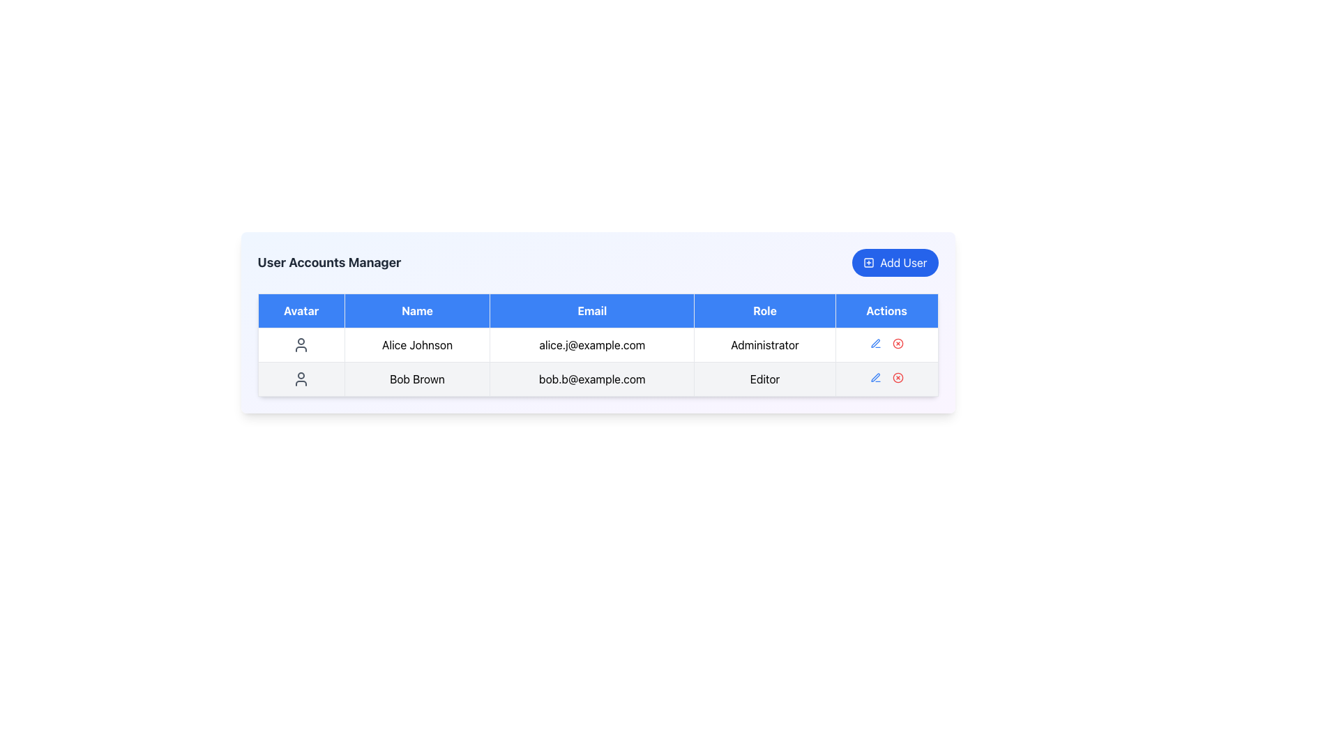 Image resolution: width=1339 pixels, height=753 pixels. What do you see at coordinates (875, 378) in the screenshot?
I see `the pen icon button in the 'Actions' column of the user management table` at bounding box center [875, 378].